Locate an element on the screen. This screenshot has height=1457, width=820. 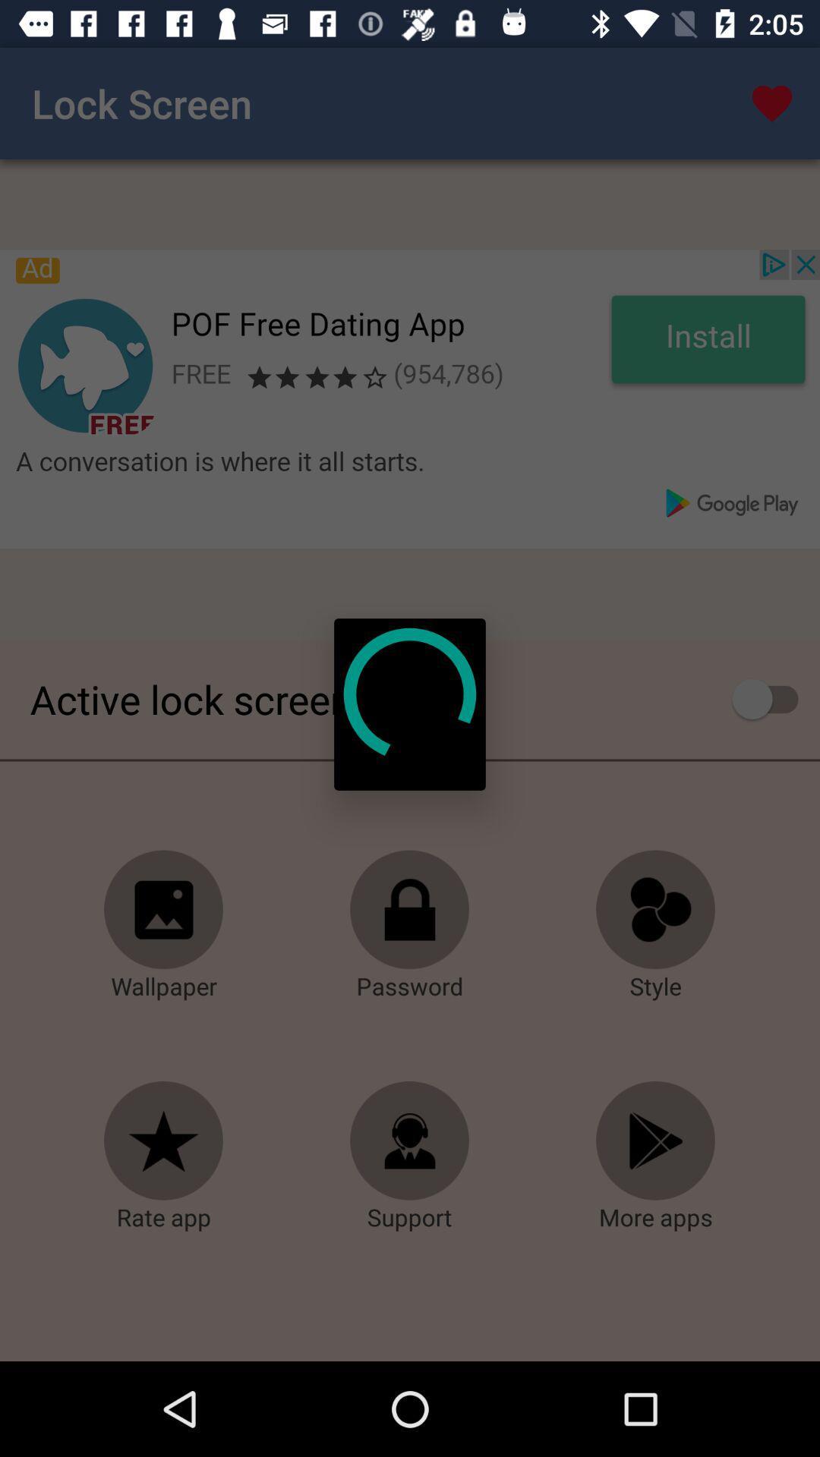
lock is located at coordinates (410, 910).